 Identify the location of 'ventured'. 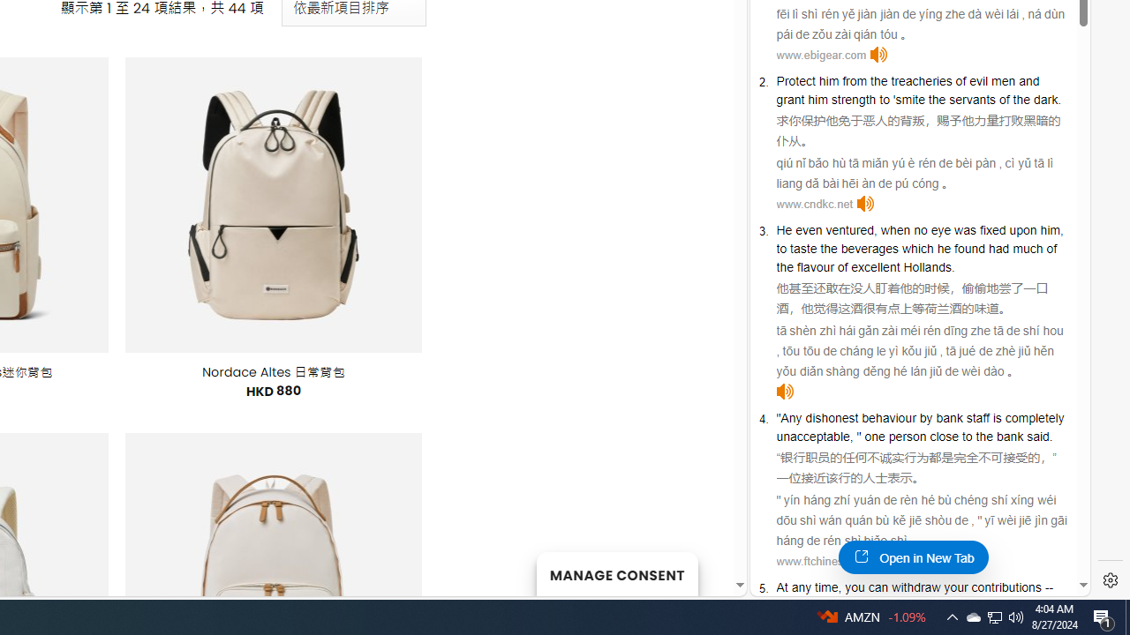
(849, 229).